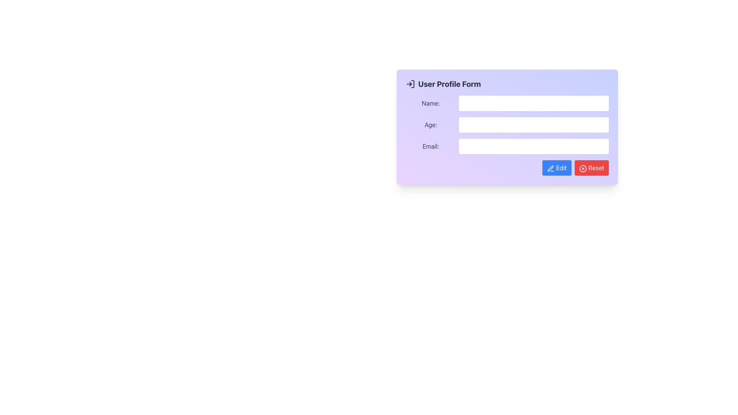 Image resolution: width=738 pixels, height=415 pixels. I want to click on the email input box, which is part of the form field labeled 'Email:', located in the third row of a vertical list of labeled input fields, so click(507, 146).